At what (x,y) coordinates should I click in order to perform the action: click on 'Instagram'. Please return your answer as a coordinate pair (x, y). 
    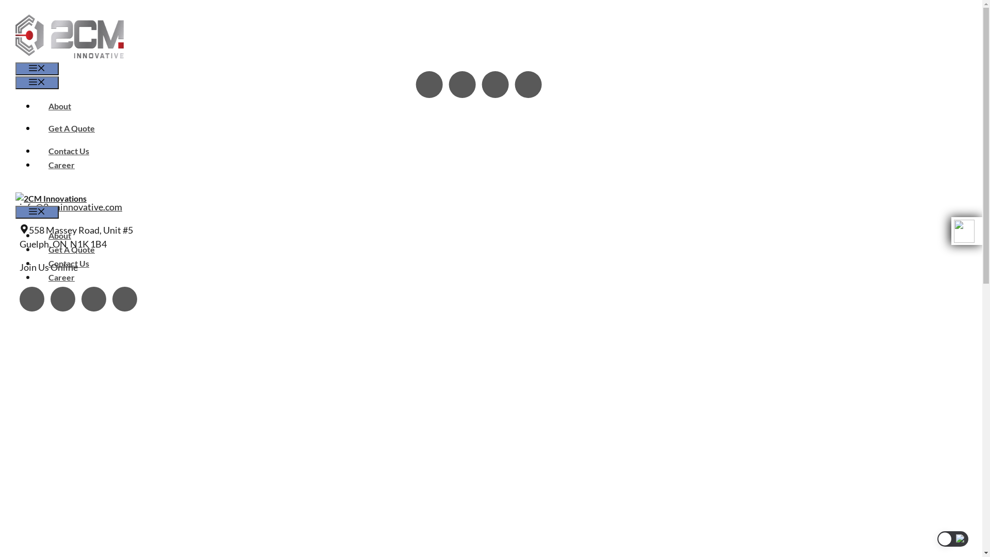
    Looking at the image, I should click on (428, 84).